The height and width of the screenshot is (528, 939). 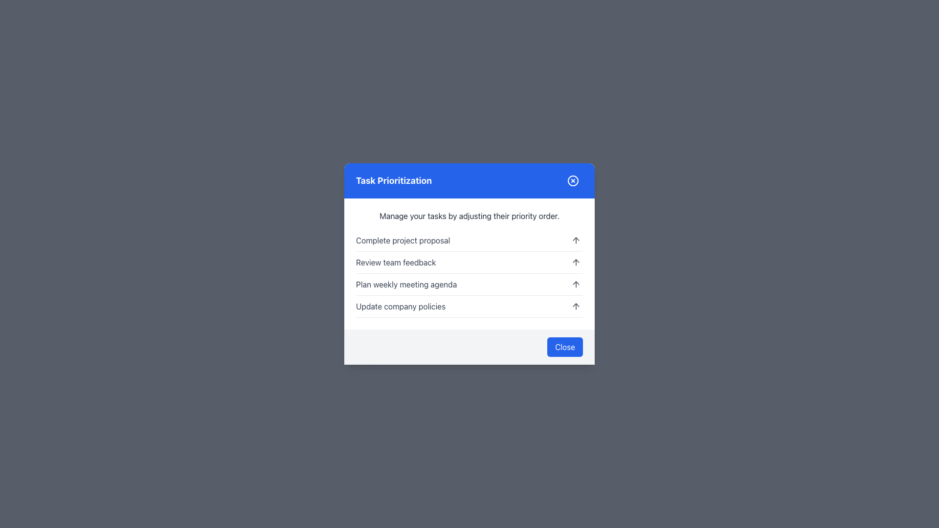 I want to click on the text label displaying 'Review team feedback' in the task prioritization modal, so click(x=396, y=262).